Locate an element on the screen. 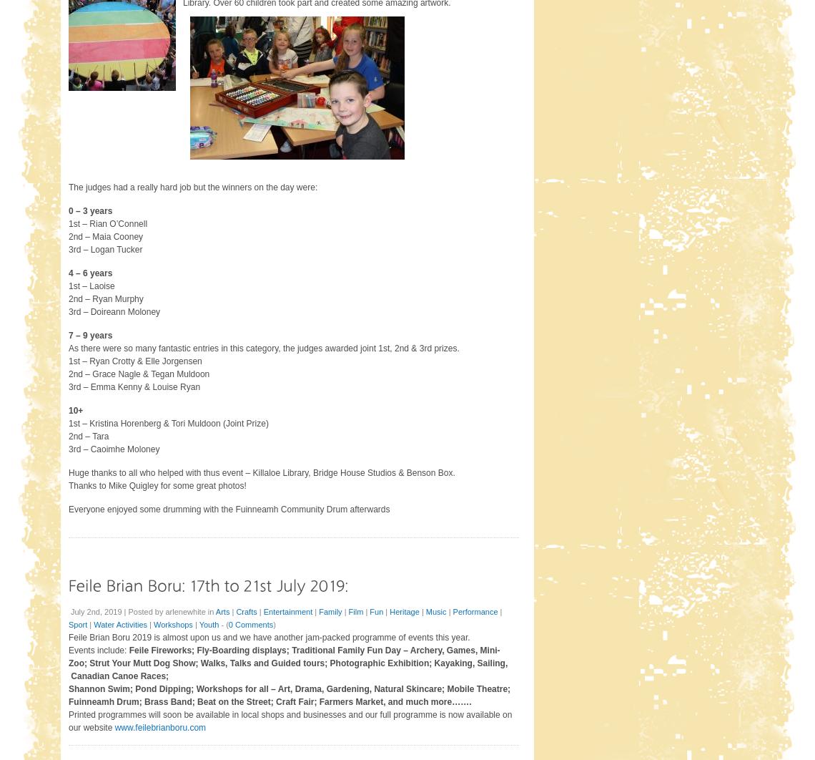  '3rd – Doireann Moloney' is located at coordinates (114, 310).